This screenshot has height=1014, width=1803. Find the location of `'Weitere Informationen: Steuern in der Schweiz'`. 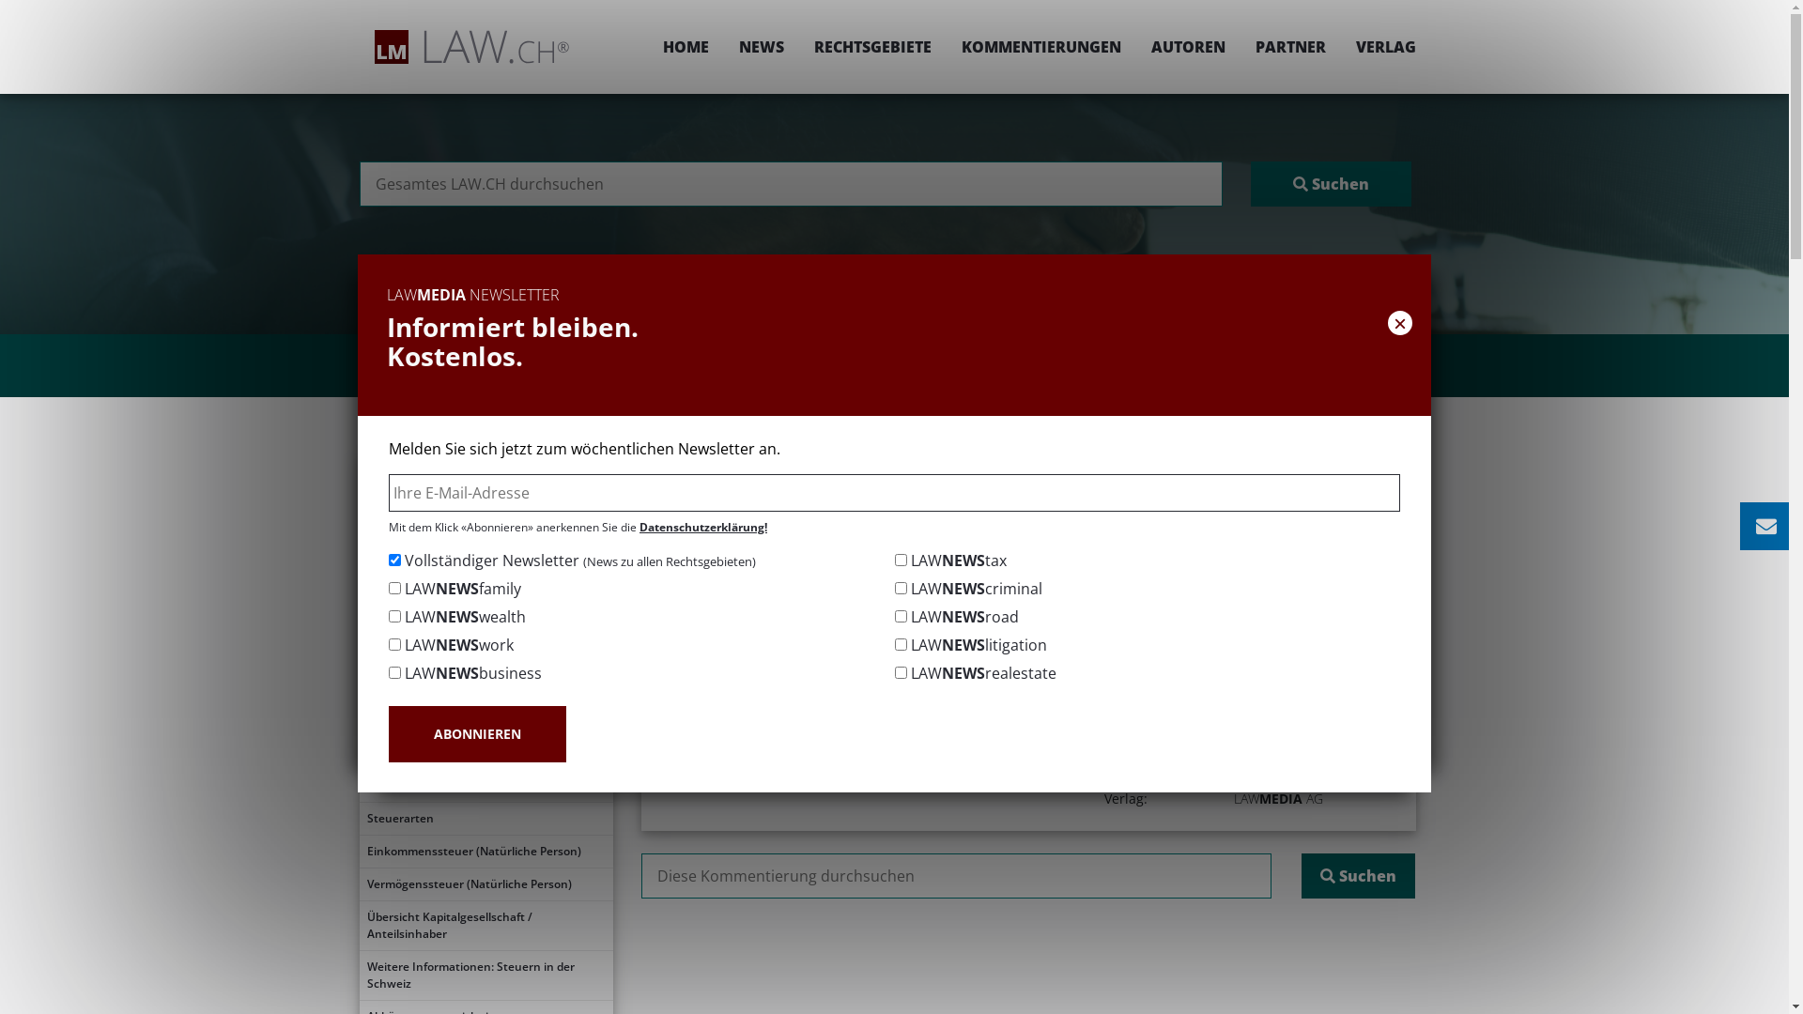

'Weitere Informationen: Steuern in der Schweiz' is located at coordinates (485, 974).